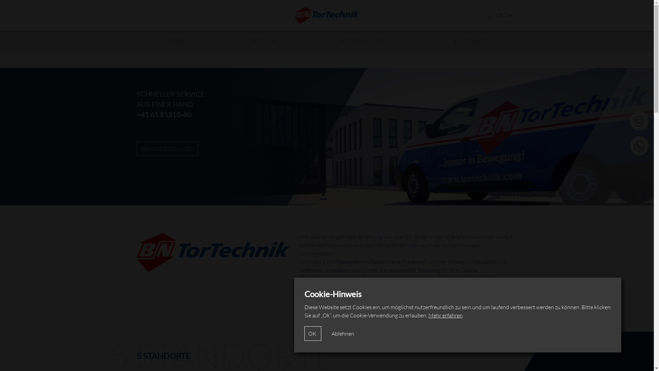  What do you see at coordinates (312, 333) in the screenshot?
I see `'OK'` at bounding box center [312, 333].